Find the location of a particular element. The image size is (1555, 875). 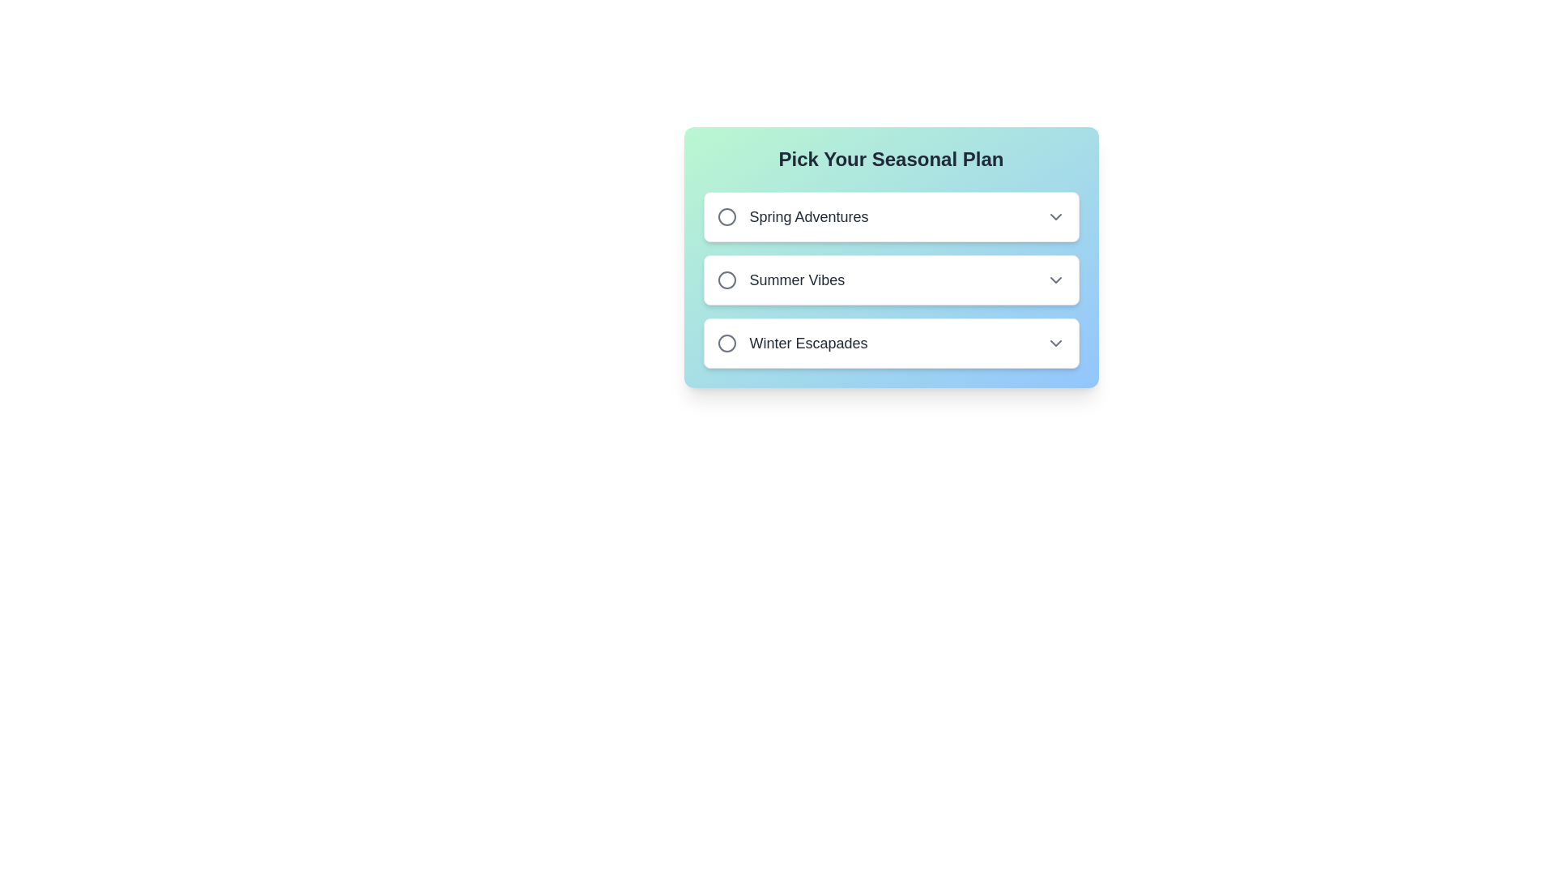

the light rectangular button labeled 'Winter Escapades', the third option below 'Pick Your Seasonal Plan' is located at coordinates (890, 343).